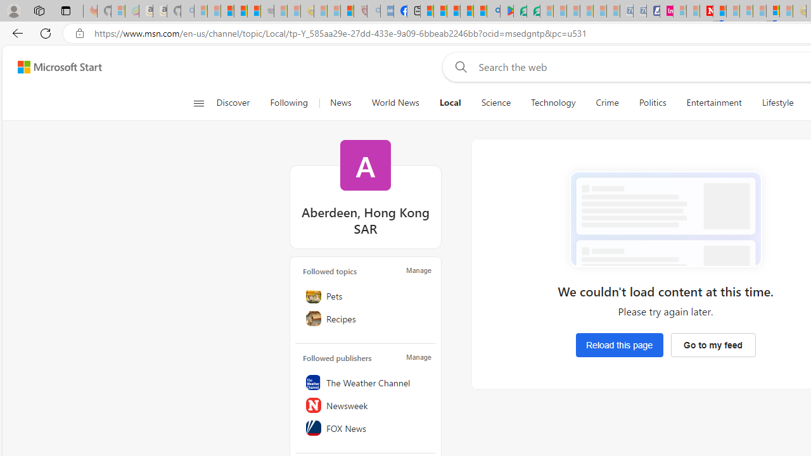 This screenshot has width=811, height=456. Describe the element at coordinates (777, 103) in the screenshot. I see `'Lifestyle'` at that location.